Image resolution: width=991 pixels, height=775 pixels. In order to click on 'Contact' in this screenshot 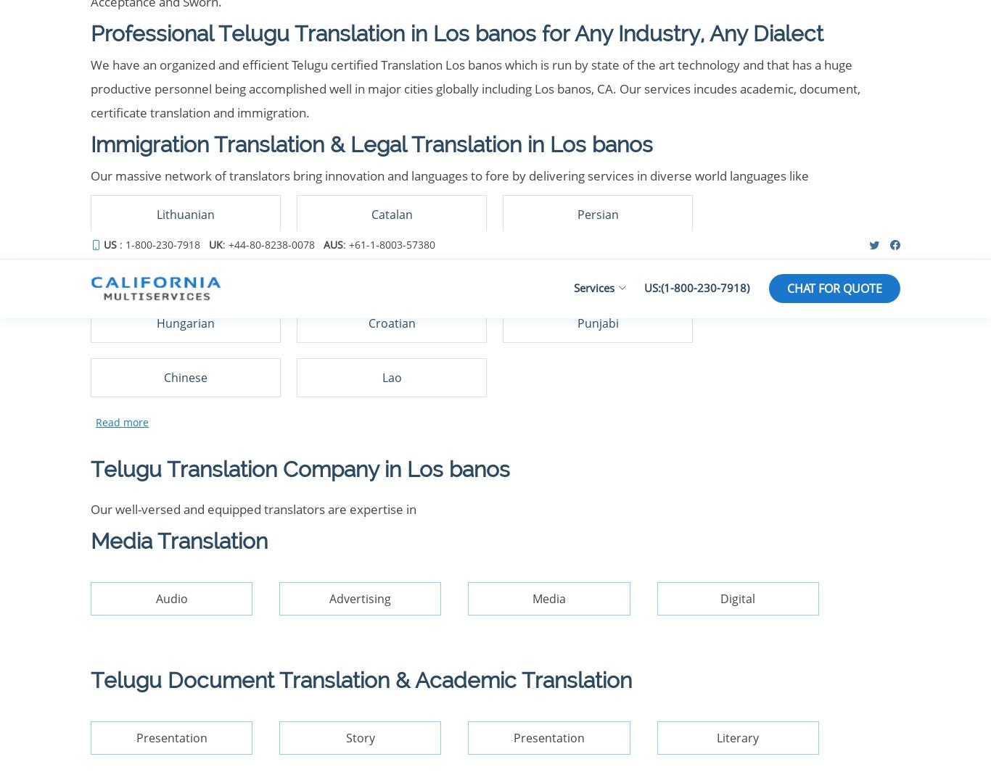, I will do `click(260, 296)`.